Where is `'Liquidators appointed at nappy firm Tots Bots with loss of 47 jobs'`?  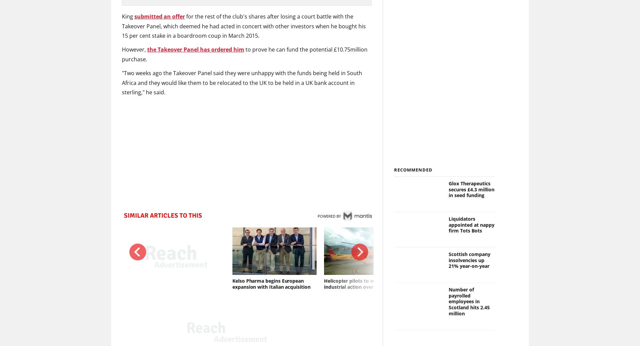
'Liquidators appointed at nappy firm Tots Bots with loss of 47 jobs' is located at coordinates (566, 284).